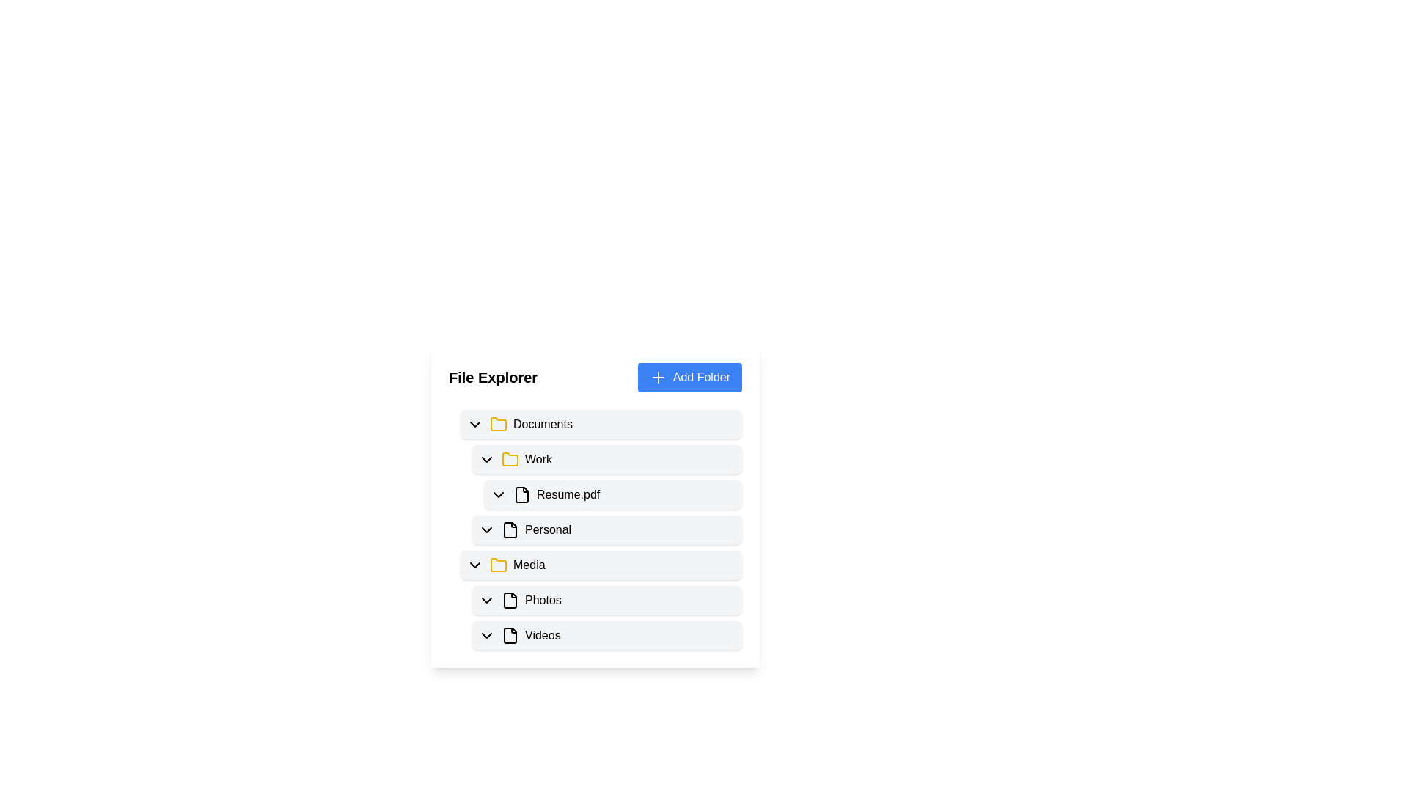  Describe the element at coordinates (499, 564) in the screenshot. I see `the yellow folder icon located in the 'File Explorer' view, specifically the fourth item labeled 'Media'` at that location.